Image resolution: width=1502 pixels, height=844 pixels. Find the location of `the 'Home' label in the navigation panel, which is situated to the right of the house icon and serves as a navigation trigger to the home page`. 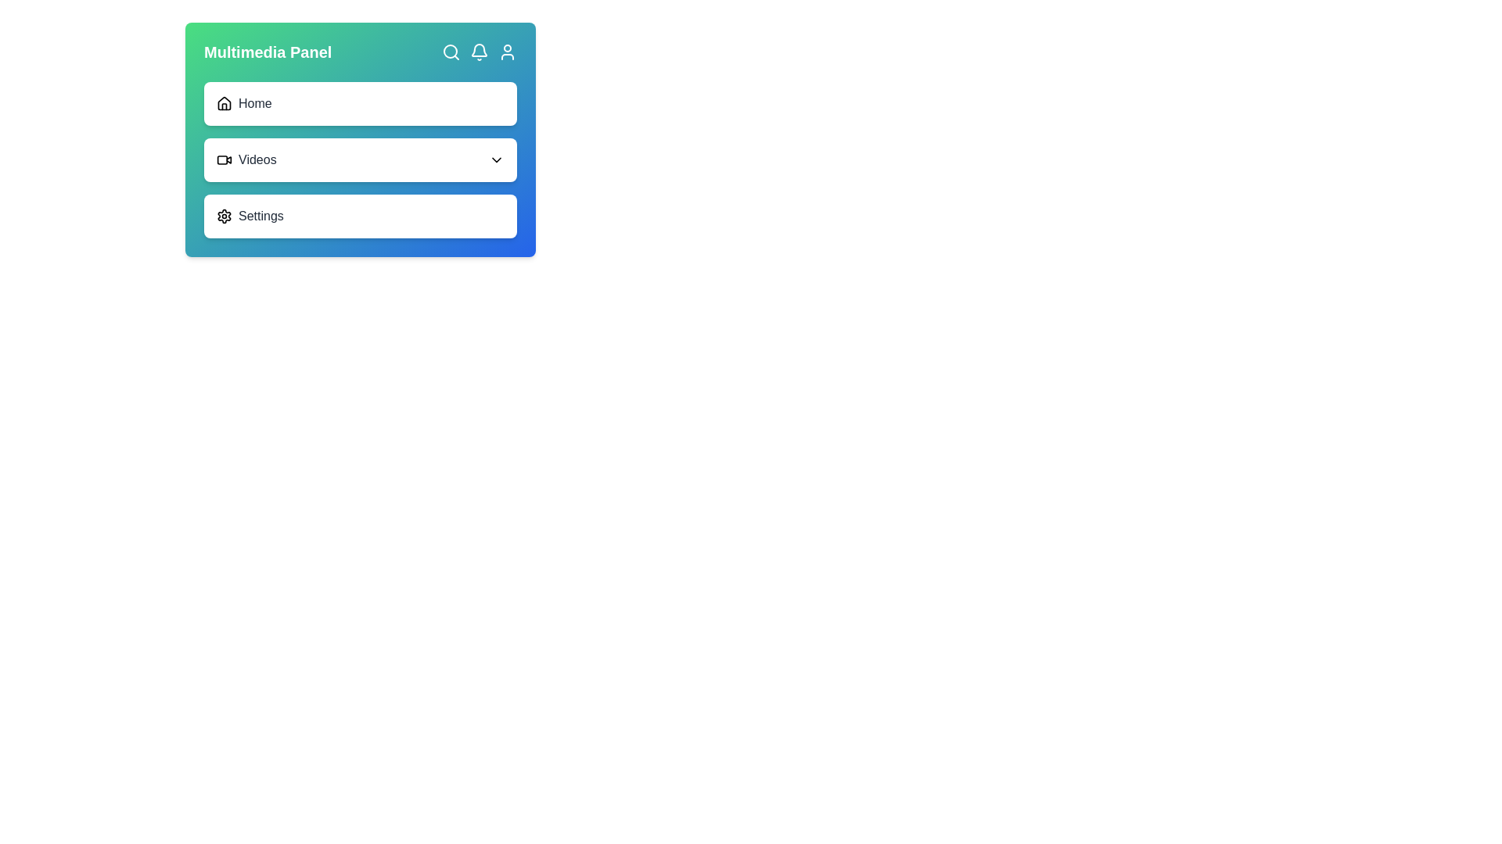

the 'Home' label in the navigation panel, which is situated to the right of the house icon and serves as a navigation trigger to the home page is located at coordinates (255, 103).